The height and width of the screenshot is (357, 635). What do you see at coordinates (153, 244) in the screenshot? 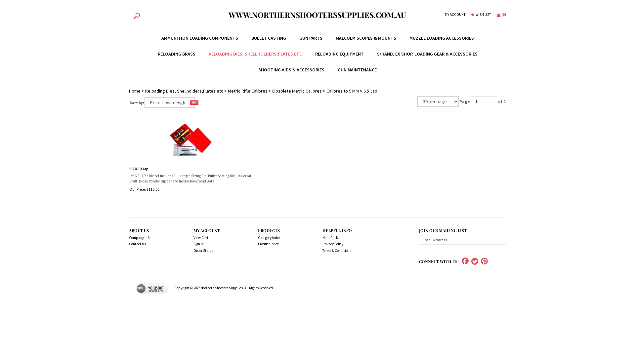
I see `'Contact Us'` at bounding box center [153, 244].